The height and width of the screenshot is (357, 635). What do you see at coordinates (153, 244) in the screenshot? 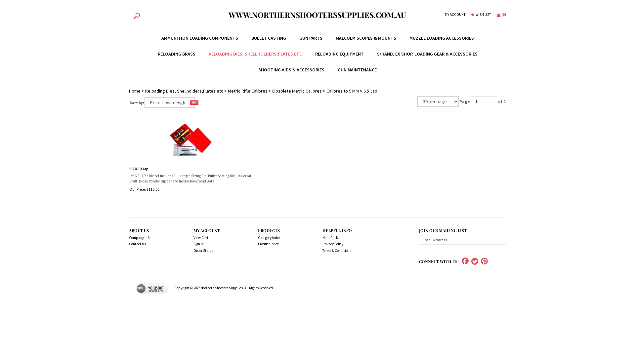
I see `'Contact Us'` at bounding box center [153, 244].